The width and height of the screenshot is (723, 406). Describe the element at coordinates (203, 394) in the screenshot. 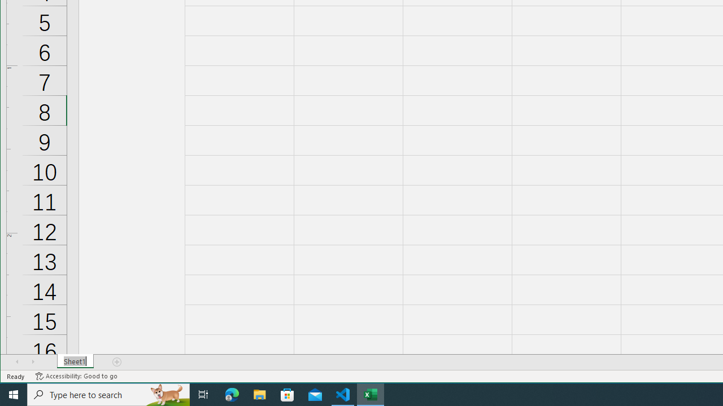

I see `'Task View'` at that location.